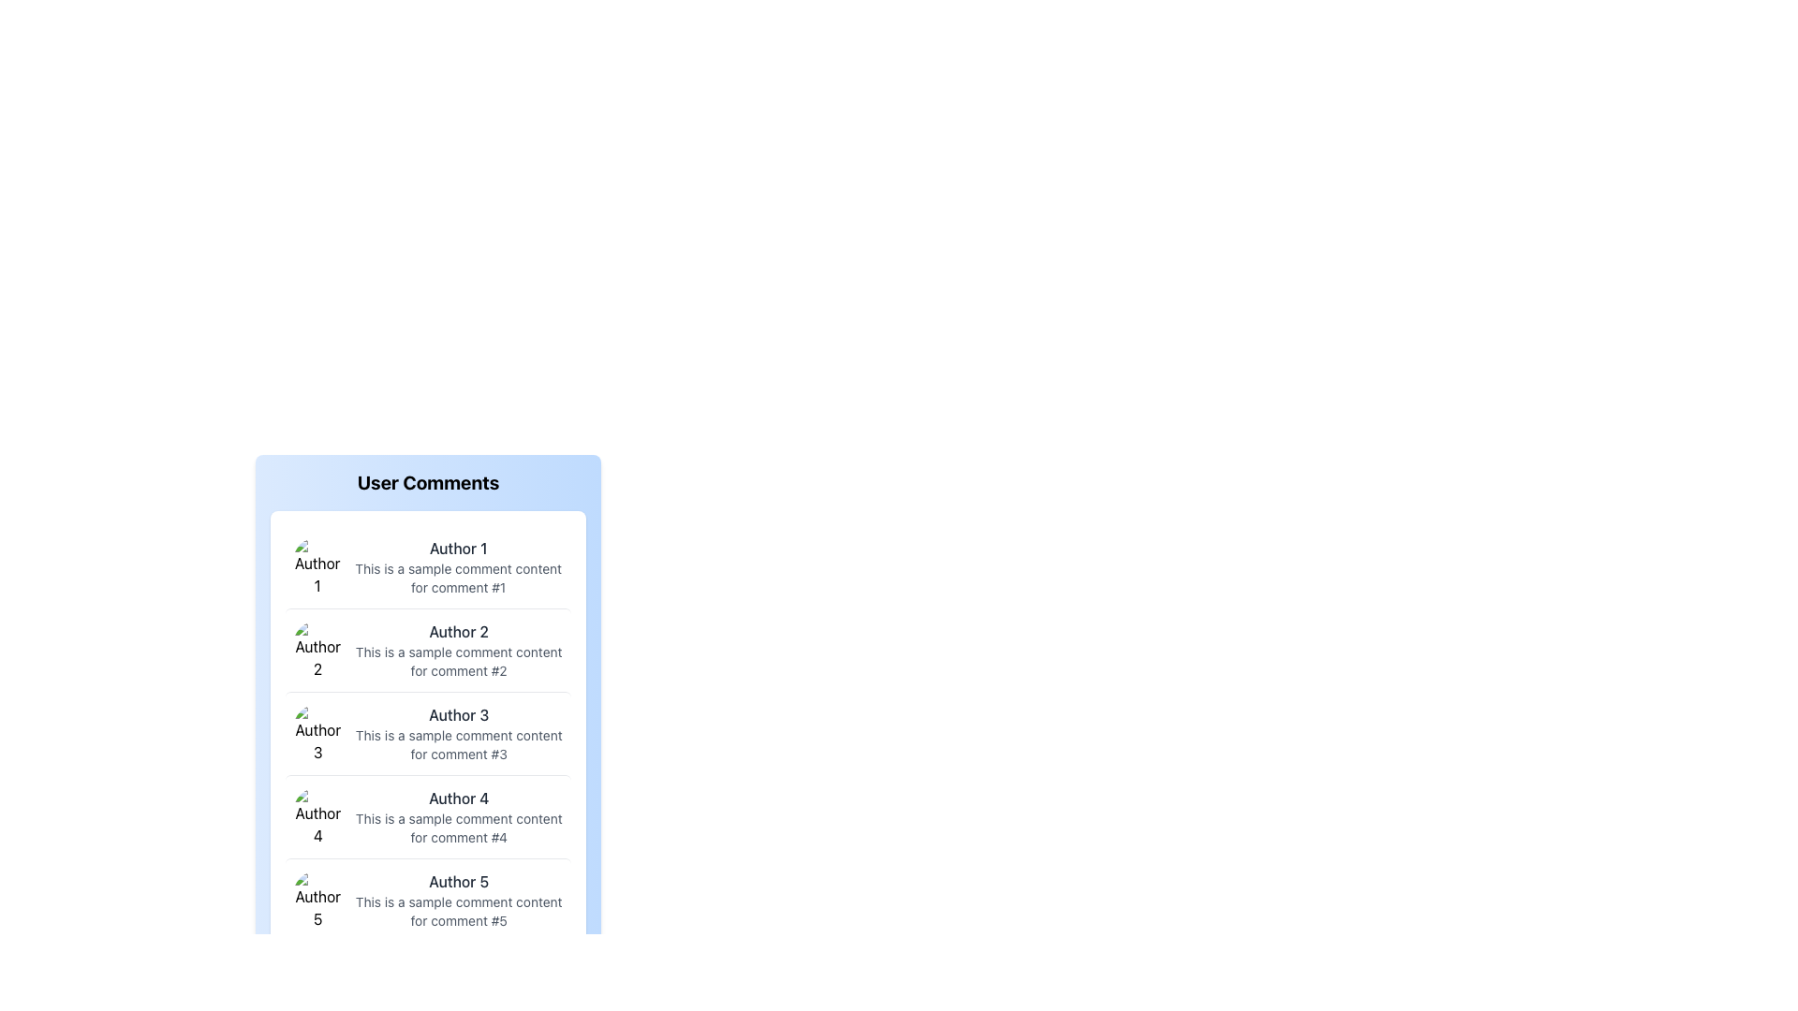 The width and height of the screenshot is (1798, 1011). Describe the element at coordinates (317, 815) in the screenshot. I see `the circular avatar image representing the profile picture of 'Author 4'` at that location.